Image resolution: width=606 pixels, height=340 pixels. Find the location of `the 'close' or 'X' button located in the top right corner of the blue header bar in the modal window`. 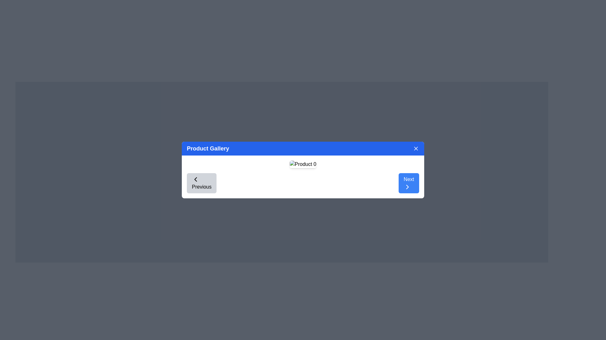

the 'close' or 'X' button located in the top right corner of the blue header bar in the modal window is located at coordinates (416, 148).